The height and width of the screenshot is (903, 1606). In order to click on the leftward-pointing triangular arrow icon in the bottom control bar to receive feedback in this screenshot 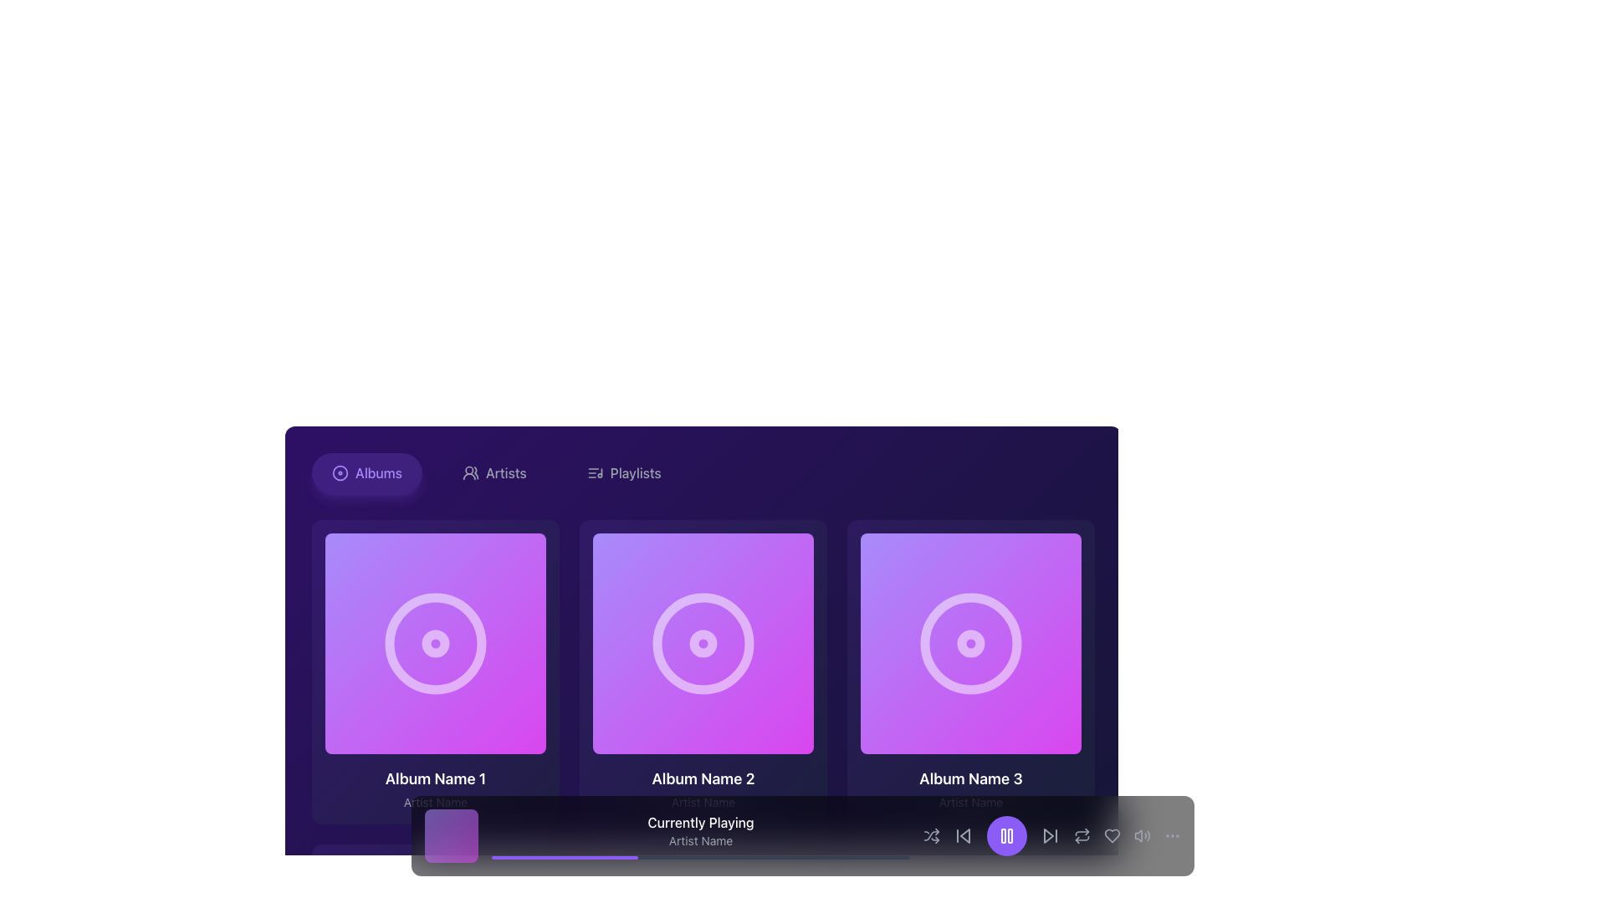, I will do `click(964, 835)`.